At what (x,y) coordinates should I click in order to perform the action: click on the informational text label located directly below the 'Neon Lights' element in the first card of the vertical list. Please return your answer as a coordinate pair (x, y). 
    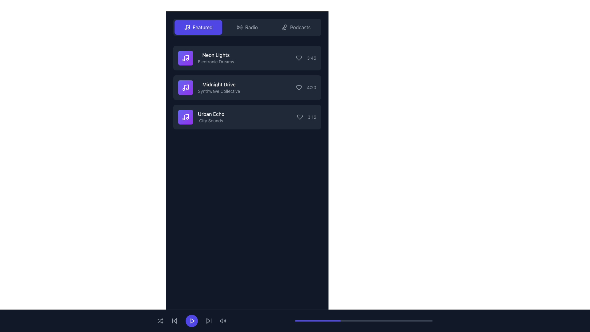
    Looking at the image, I should click on (216, 61).